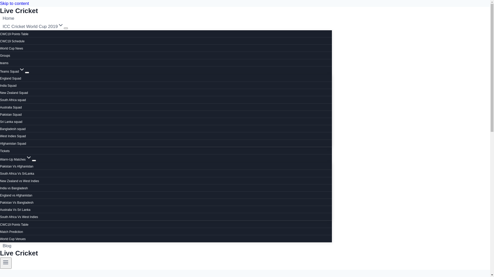  I want to click on 'England vs Afghanistan', so click(0, 195).